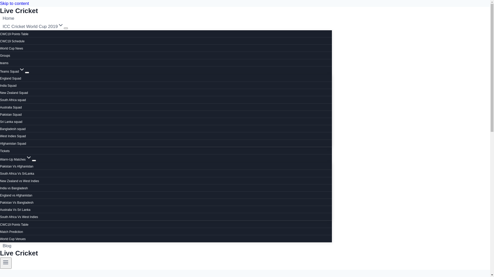  I want to click on 'England vs Afghanistan', so click(0, 195).